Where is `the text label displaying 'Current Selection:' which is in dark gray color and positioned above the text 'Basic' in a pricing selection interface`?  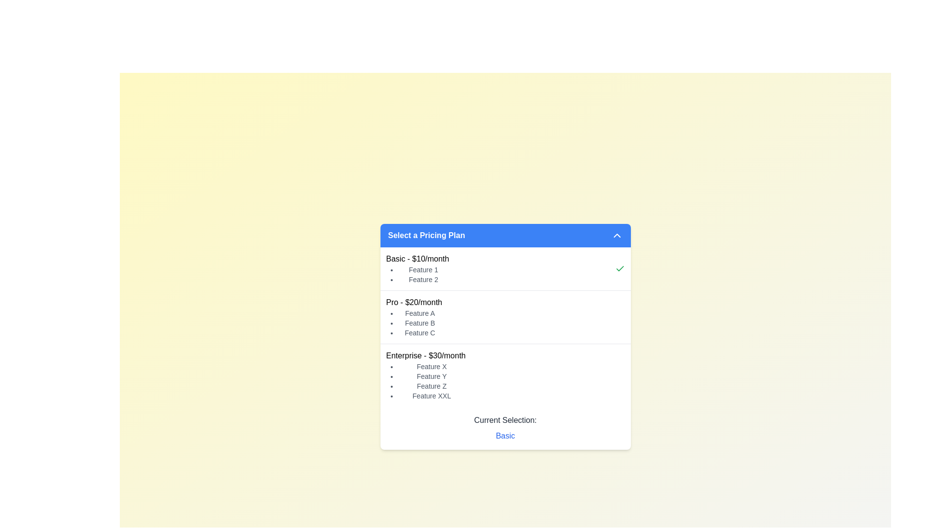 the text label displaying 'Current Selection:' which is in dark gray color and positioned above the text 'Basic' in a pricing selection interface is located at coordinates (505, 420).